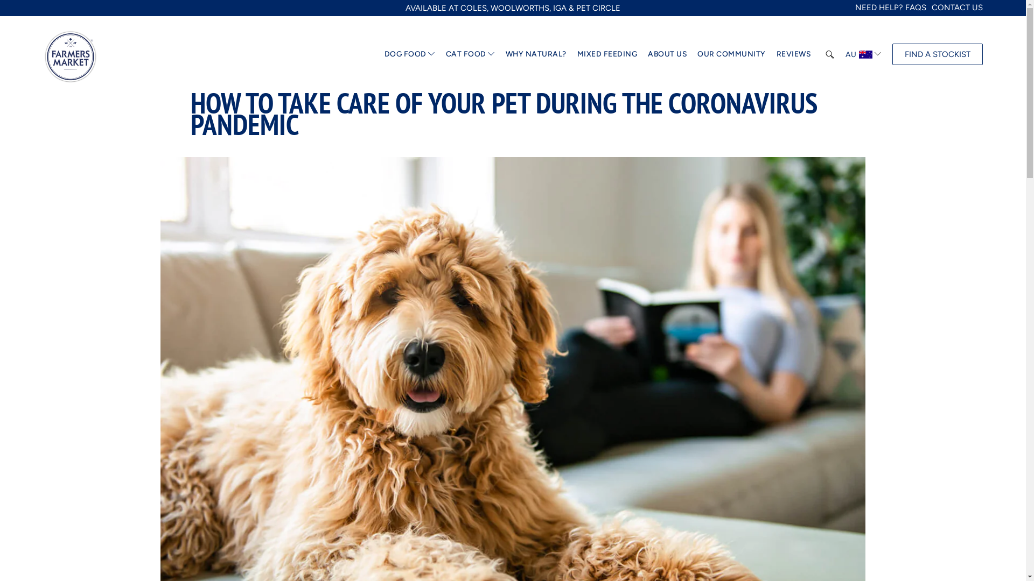  I want to click on 'CAT FOOD', so click(466, 54).